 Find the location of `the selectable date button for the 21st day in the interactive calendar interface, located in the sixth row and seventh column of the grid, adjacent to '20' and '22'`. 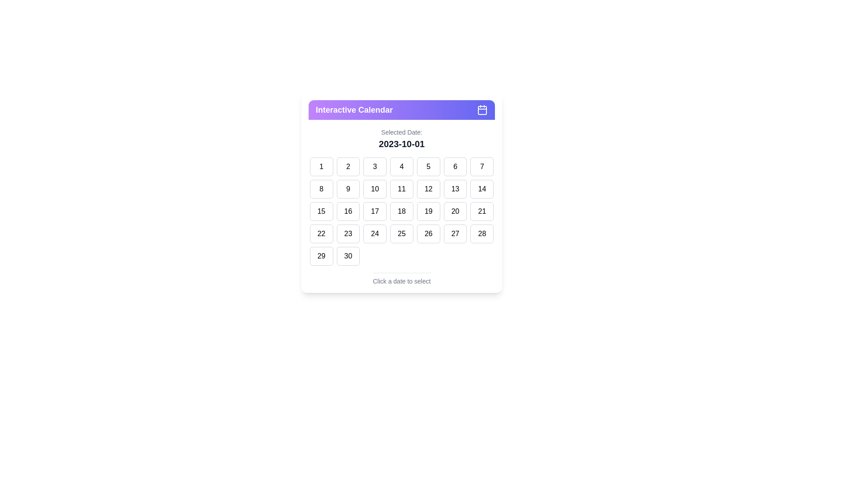

the selectable date button for the 21st day in the interactive calendar interface, located in the sixth row and seventh column of the grid, adjacent to '20' and '22' is located at coordinates (482, 212).